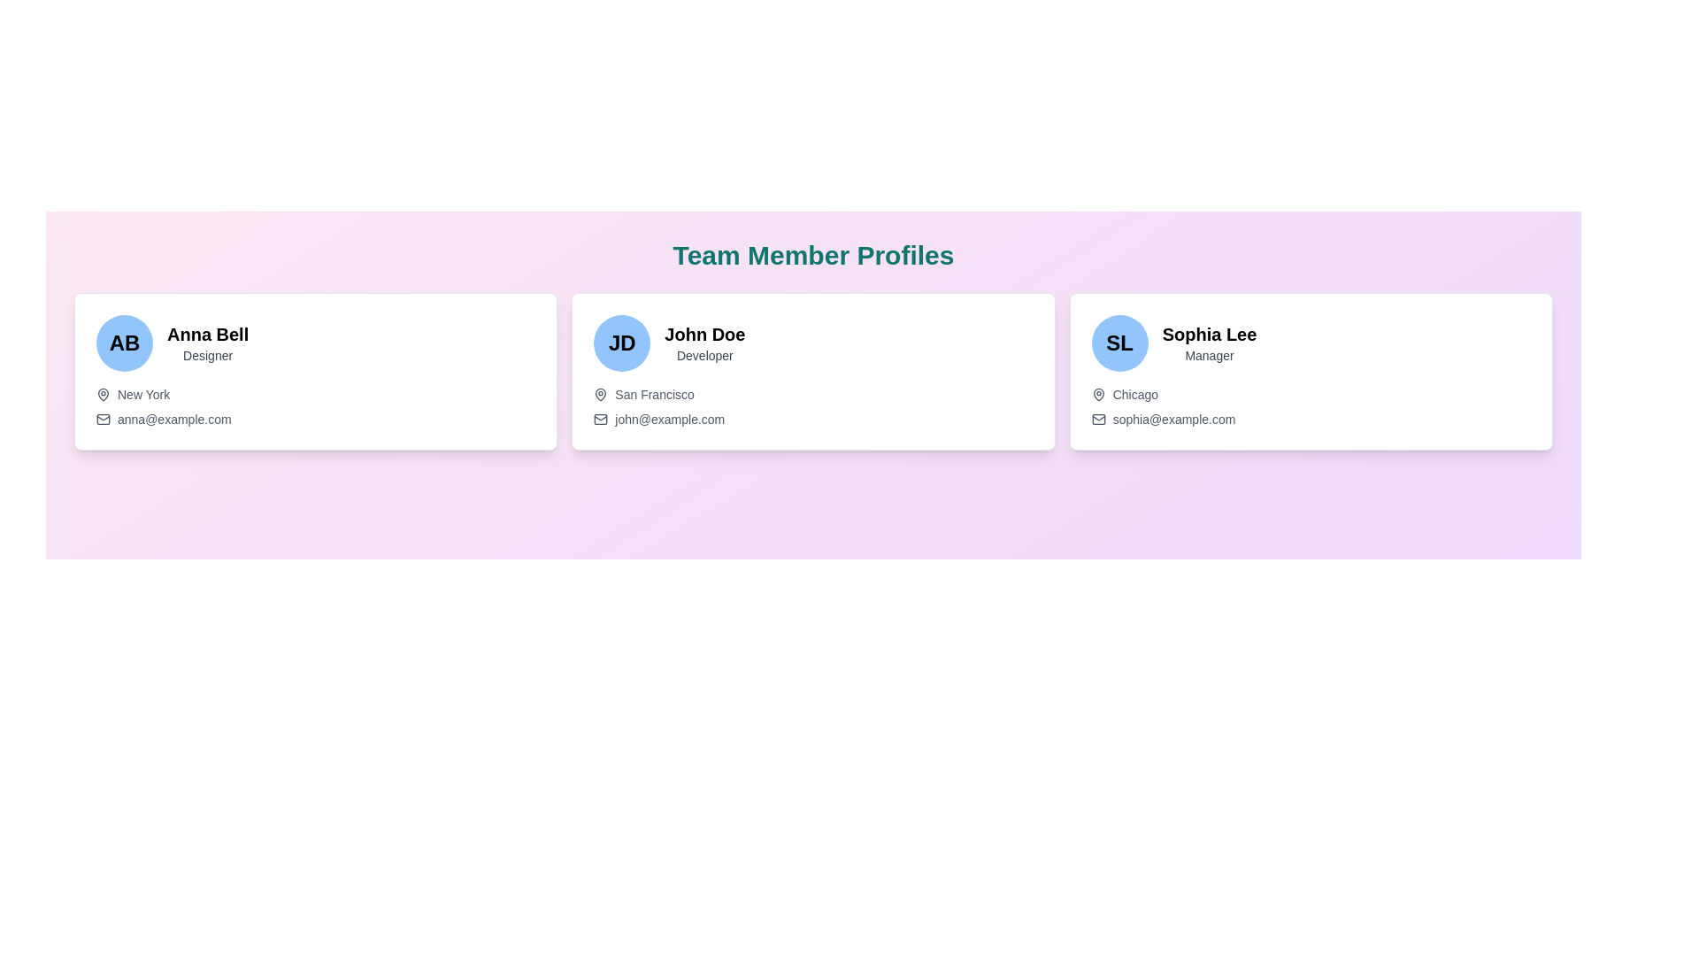 The height and width of the screenshot is (956, 1699). What do you see at coordinates (102, 392) in the screenshot?
I see `icon representing the location of Anna Bell, which is located in her profile card under 'New York', positioned to the left of the location text` at bounding box center [102, 392].